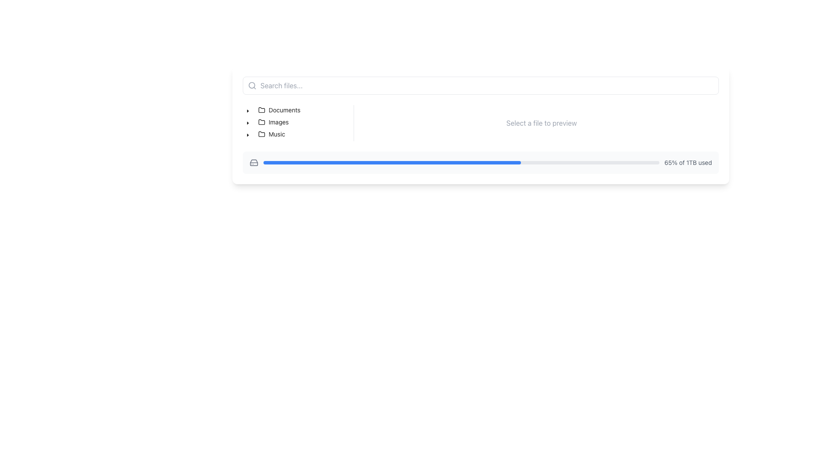 The image size is (828, 465). What do you see at coordinates (248, 111) in the screenshot?
I see `the small triangular icon pointing downwards next to the 'Documents' label` at bounding box center [248, 111].